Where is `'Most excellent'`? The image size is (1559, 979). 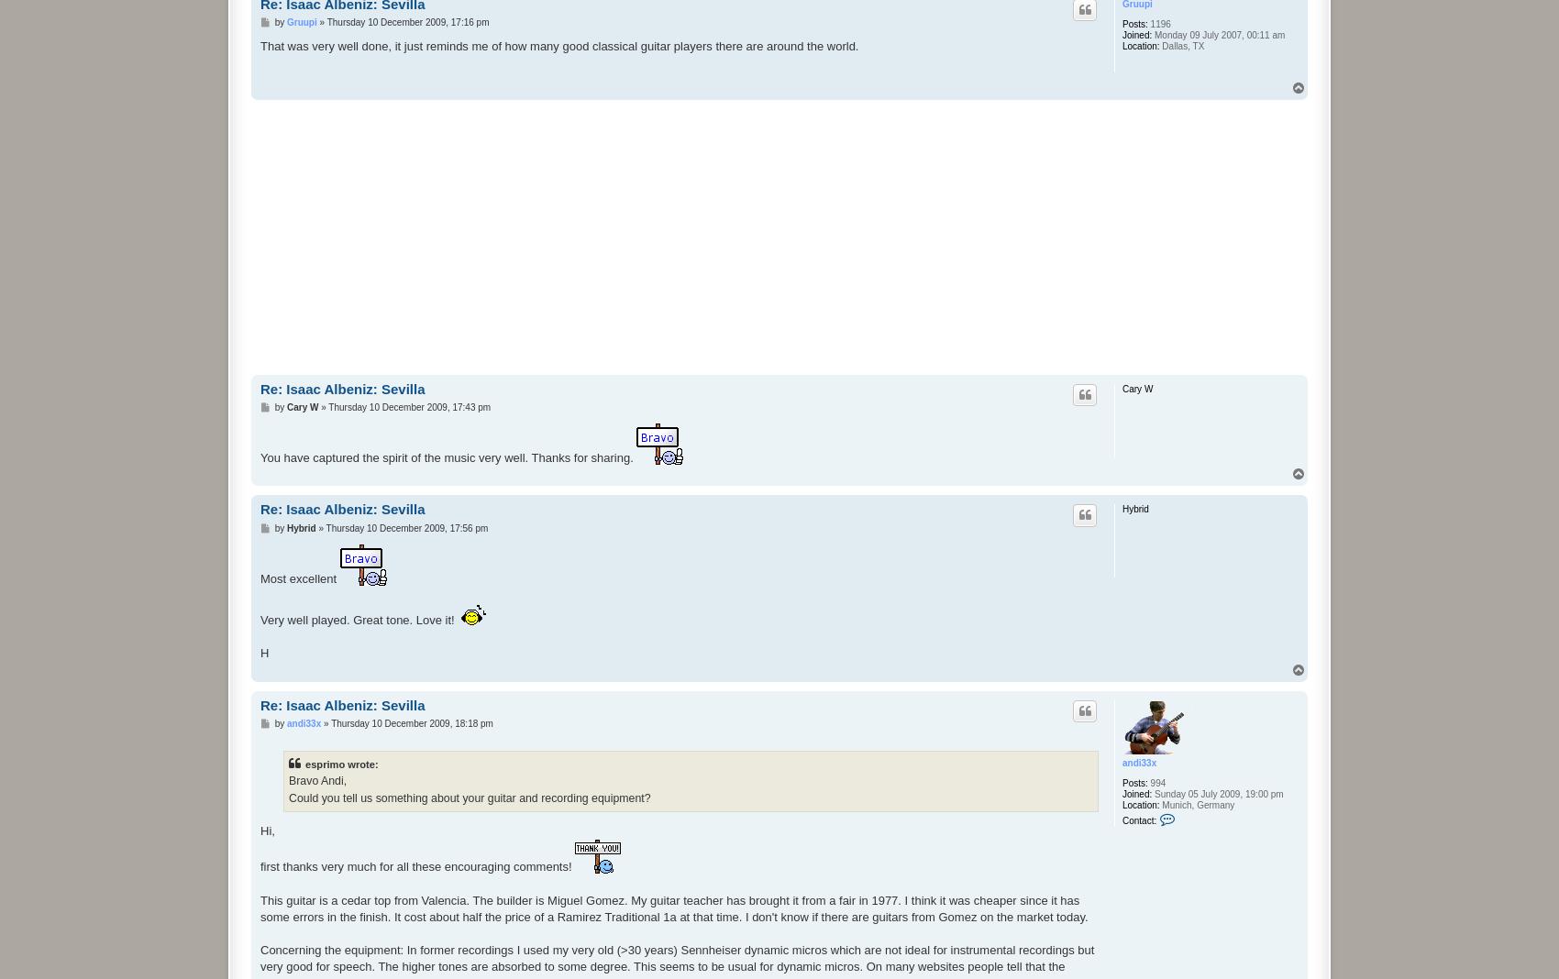 'Most excellent' is located at coordinates (299, 577).